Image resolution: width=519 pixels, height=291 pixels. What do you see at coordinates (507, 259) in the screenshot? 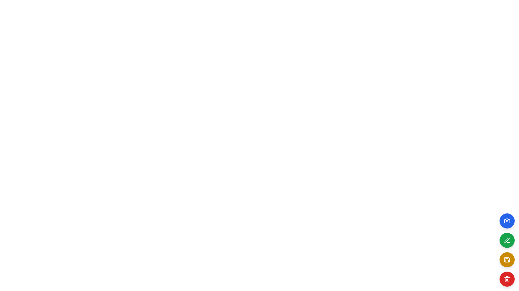
I see `the circular yellow button with a white save icon` at bounding box center [507, 259].